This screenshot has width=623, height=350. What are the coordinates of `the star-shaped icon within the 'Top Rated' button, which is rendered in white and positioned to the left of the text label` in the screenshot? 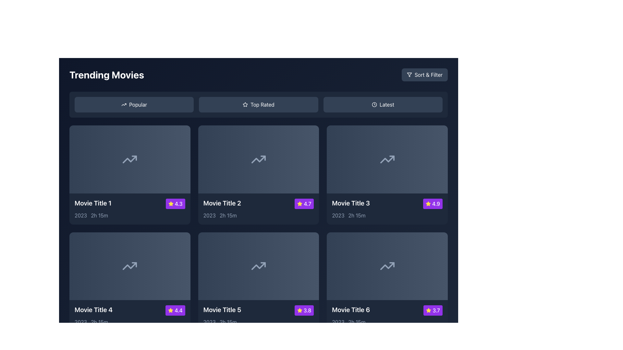 It's located at (245, 104).